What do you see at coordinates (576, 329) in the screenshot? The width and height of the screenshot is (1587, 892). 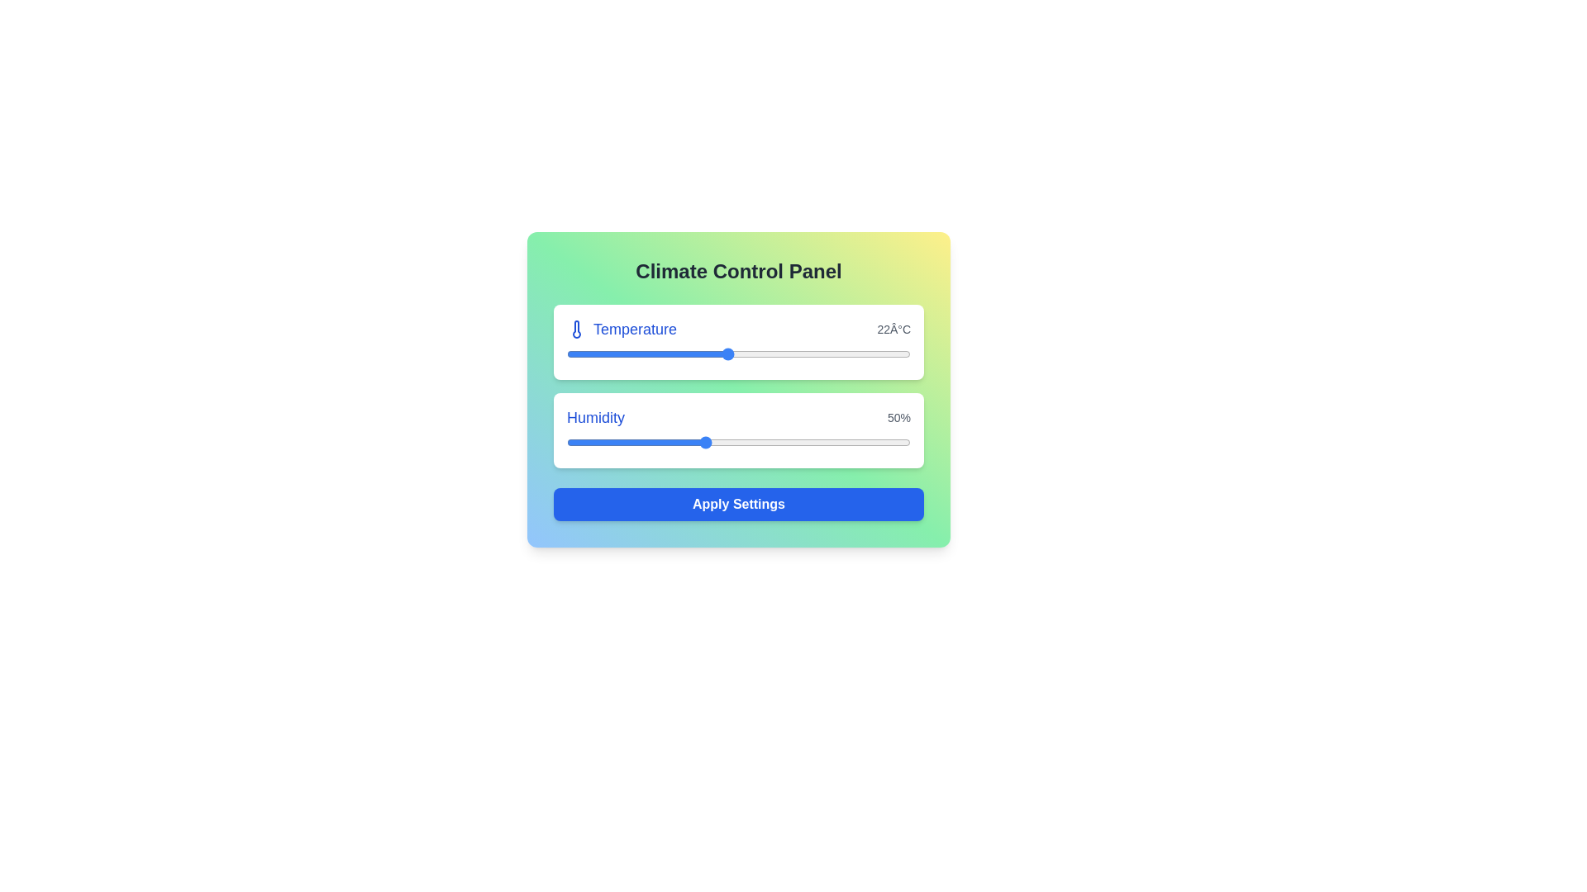 I see `the blue thermometer icon located to the left of the 'Temperature' text in the 'Temperature' section` at bounding box center [576, 329].